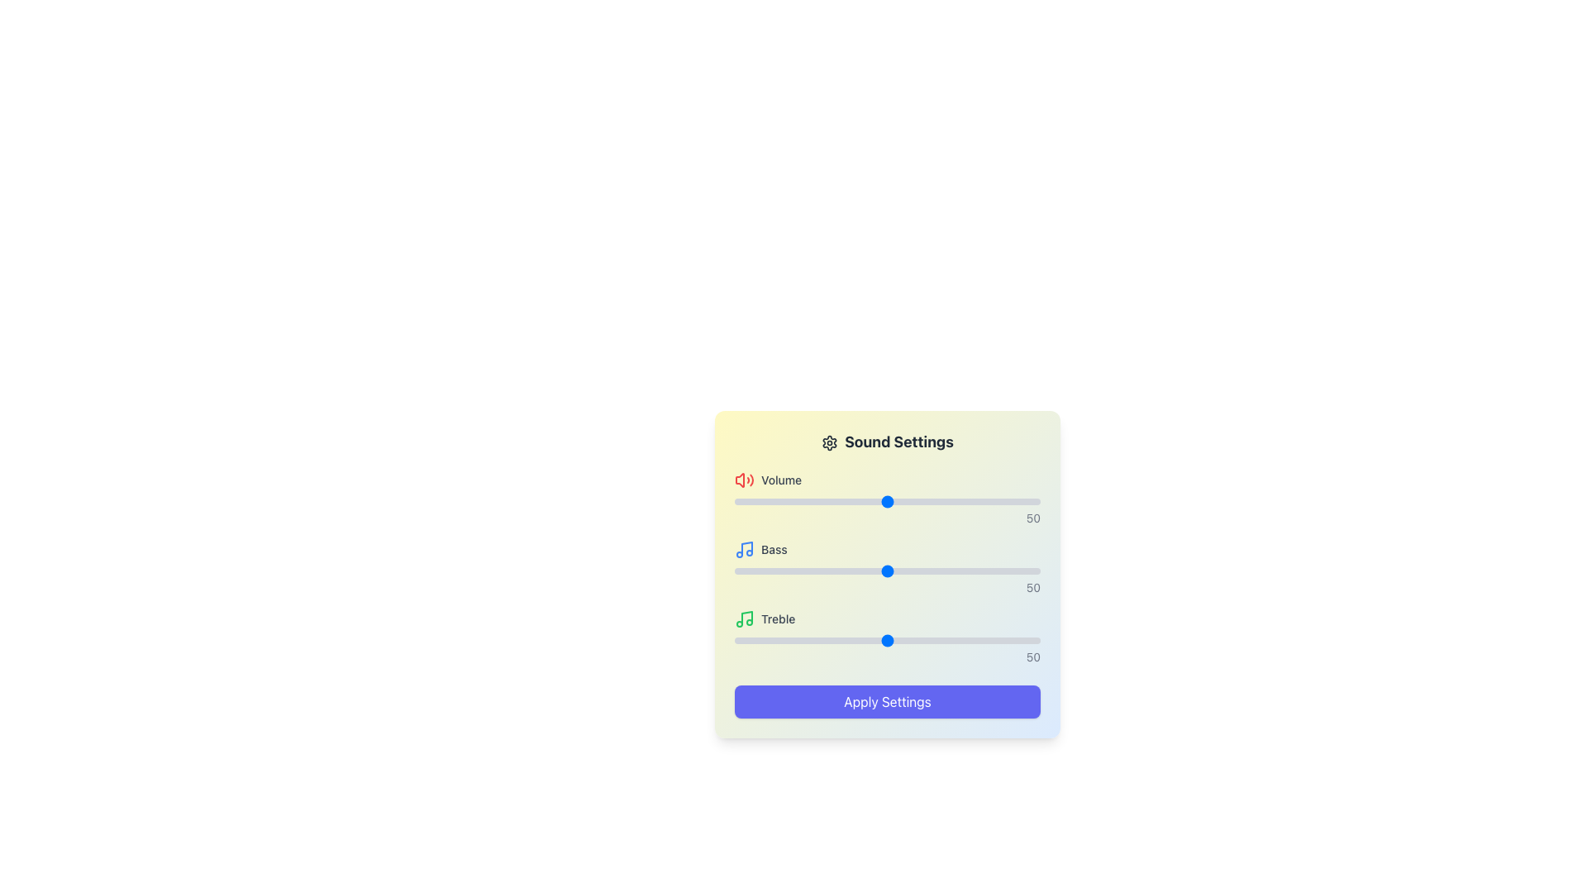  Describe the element at coordinates (773, 549) in the screenshot. I see `the text label displaying the word 'Bass', which is part of the 'Sound Settings' panel and is positioned to the right of a blue music icon` at that location.